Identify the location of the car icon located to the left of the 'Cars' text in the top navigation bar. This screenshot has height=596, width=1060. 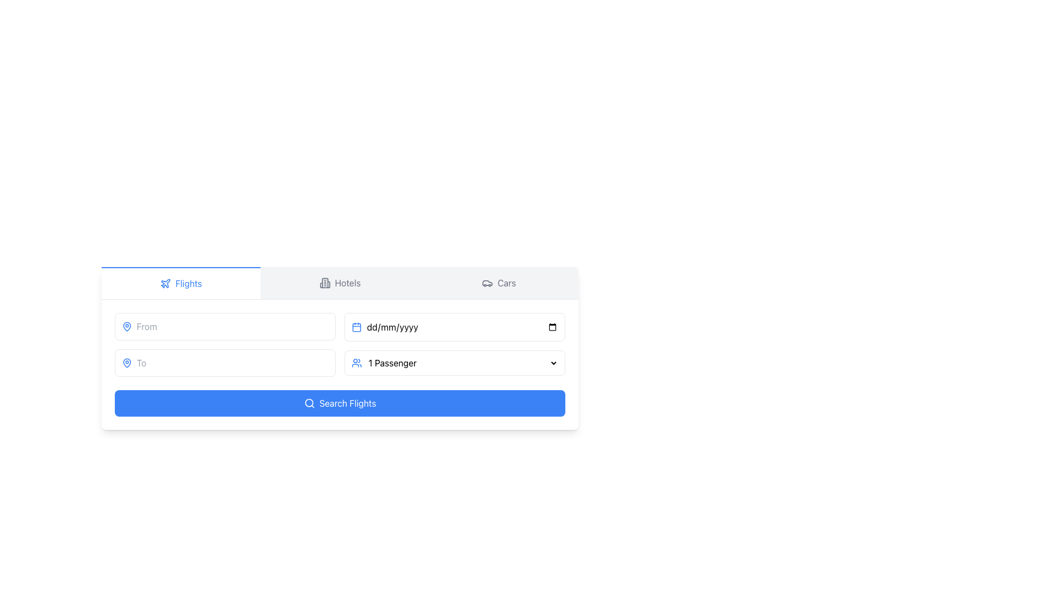
(487, 283).